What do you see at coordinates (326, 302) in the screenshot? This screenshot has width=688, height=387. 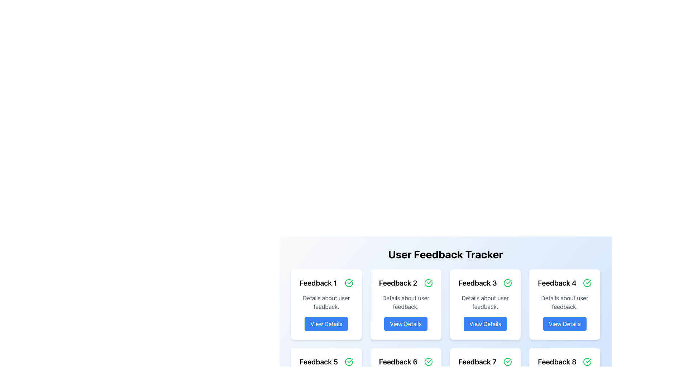 I see `the text element providing descriptive information about the feedback associated with 'Feedback 1', located above the 'View Details' button` at bounding box center [326, 302].